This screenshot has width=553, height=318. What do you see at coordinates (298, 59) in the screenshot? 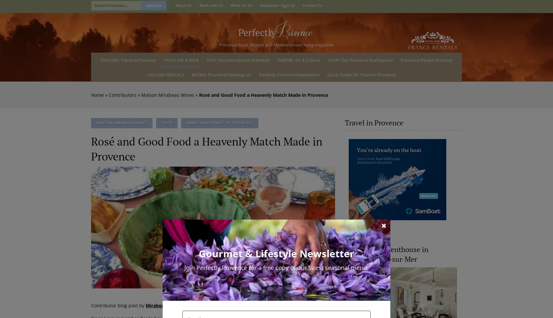
I see `'INSPIRE: Art & Culture'` at bounding box center [298, 59].